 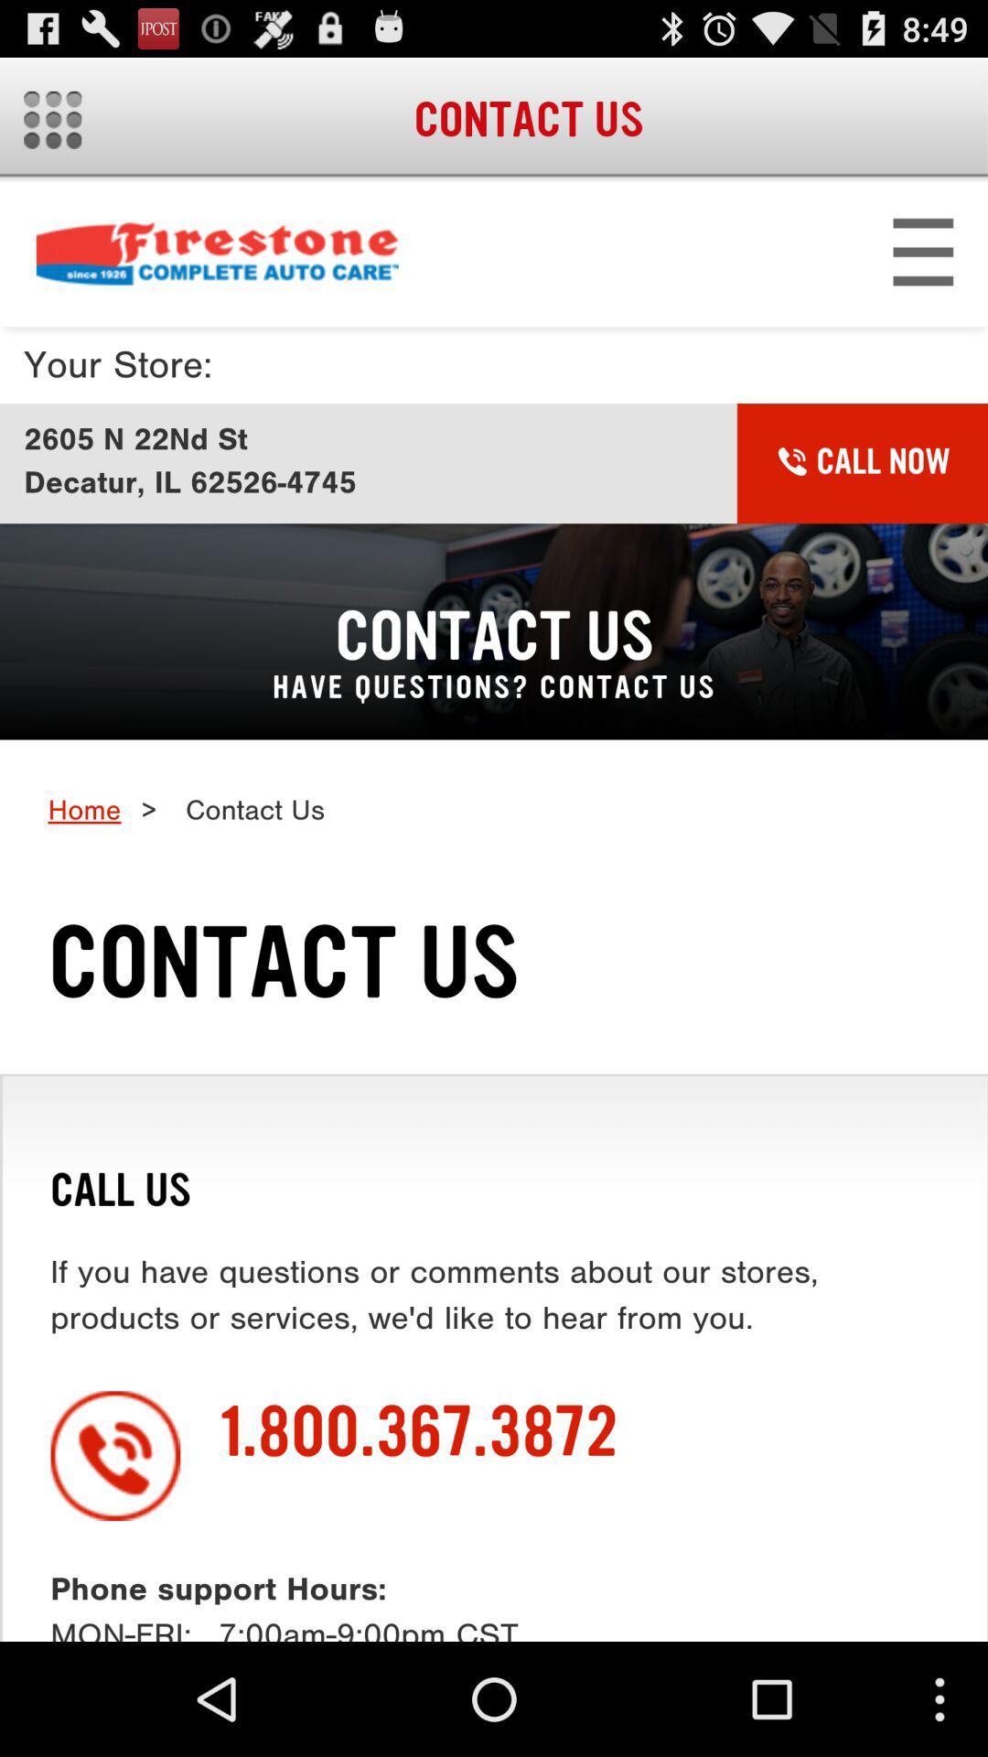 I want to click on main menu, so click(x=51, y=119).